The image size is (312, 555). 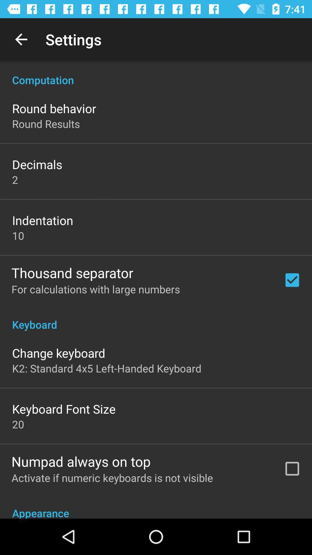 What do you see at coordinates (64, 408) in the screenshot?
I see `the item above the 20 icon` at bounding box center [64, 408].